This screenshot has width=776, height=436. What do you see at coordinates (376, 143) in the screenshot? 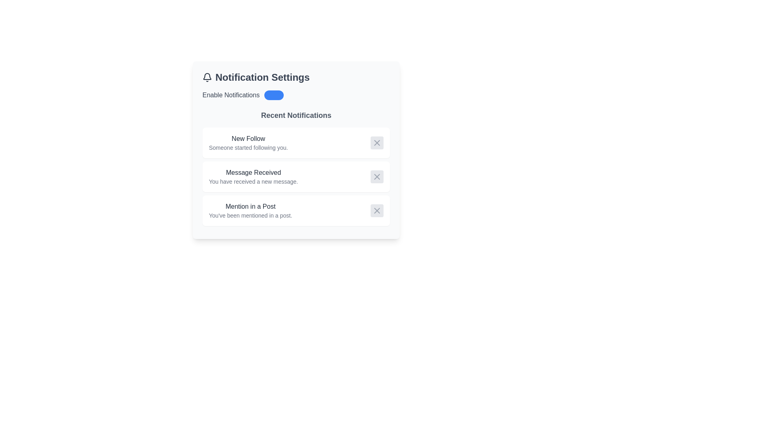
I see `the small diagonal line forming part of the 'X' icon styled with a gray stroke, located at the top right corner of the 'New Follow' notification in the 'Recent Notifications' section` at bounding box center [376, 143].